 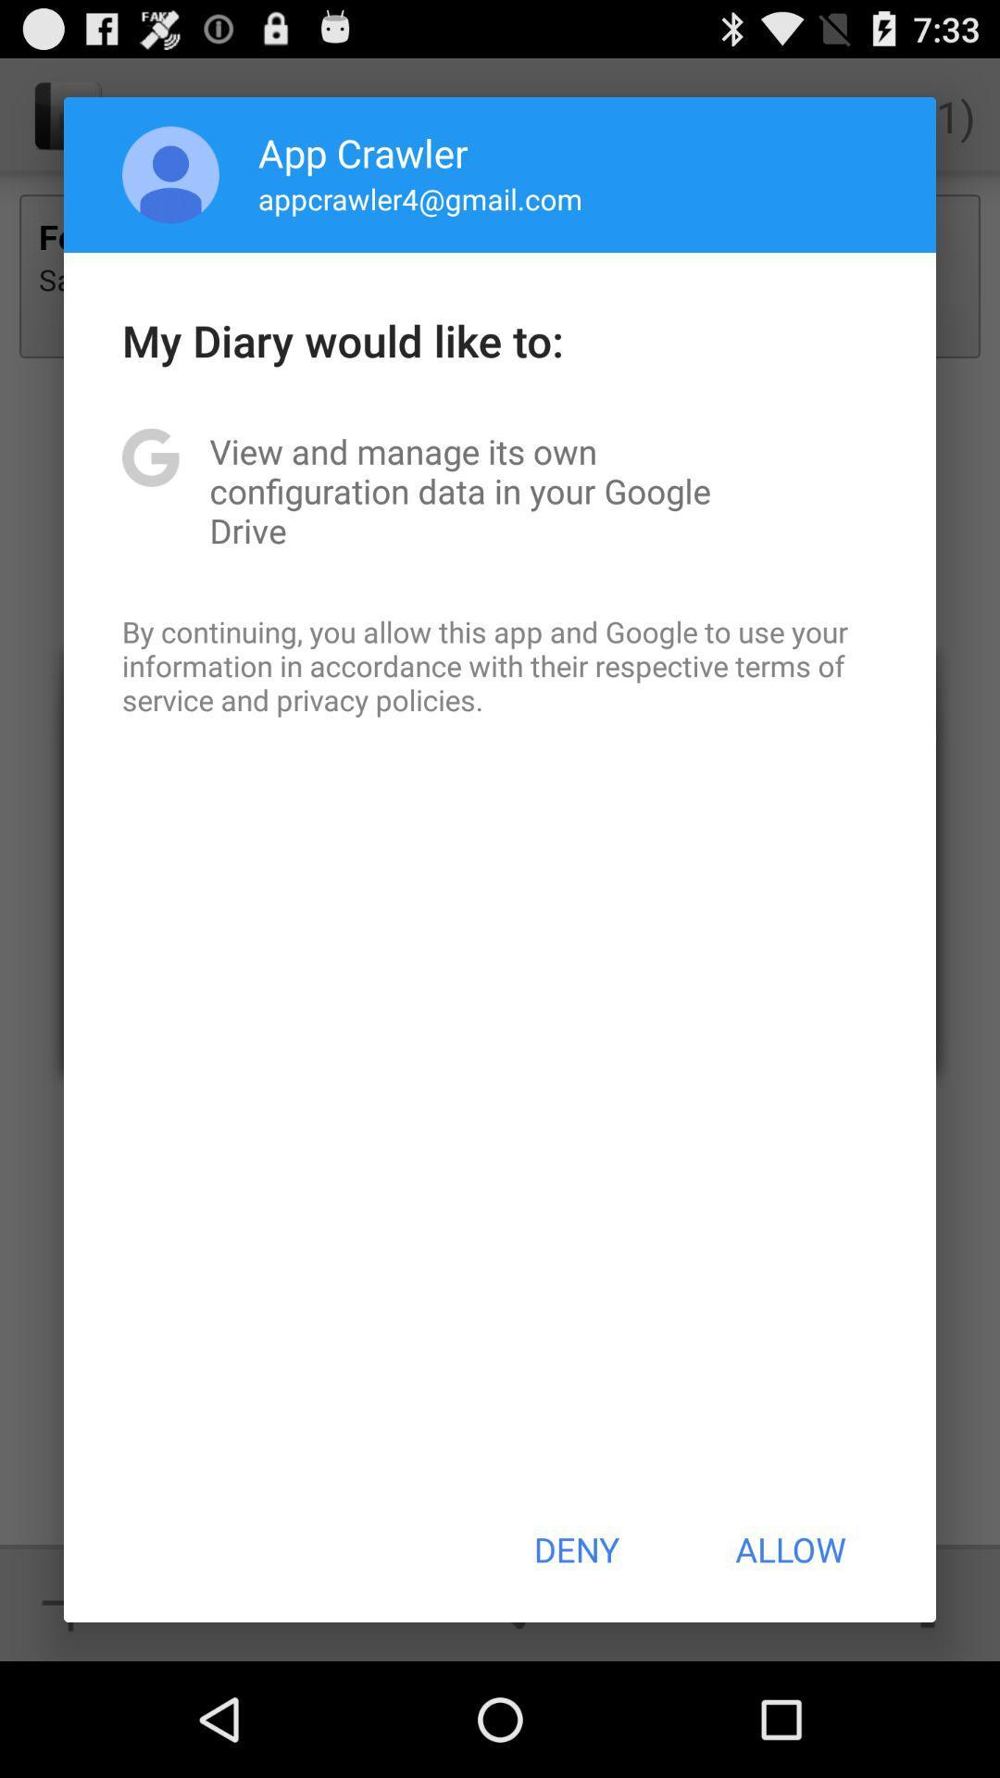 I want to click on app above appcrawler4@gmail.com app, so click(x=363, y=152).